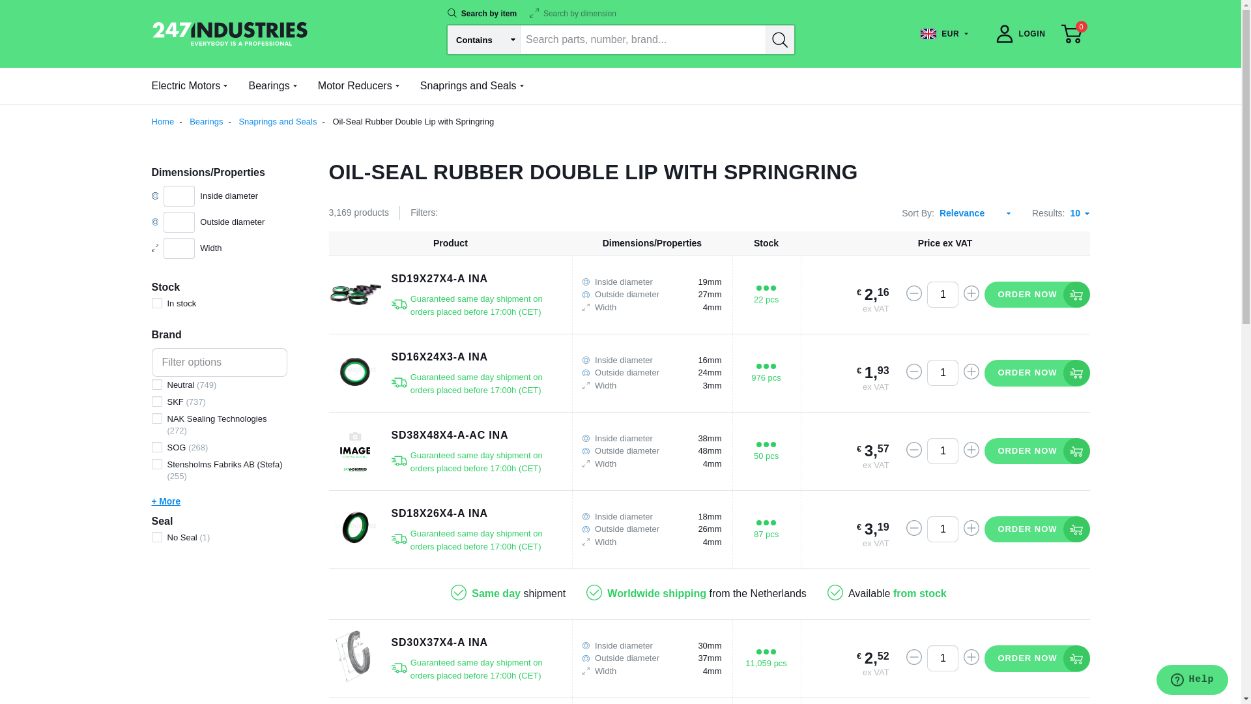 The height and width of the screenshot is (704, 1251). Describe the element at coordinates (390, 357) in the screenshot. I see `'SD16X24X3-A INA'` at that location.